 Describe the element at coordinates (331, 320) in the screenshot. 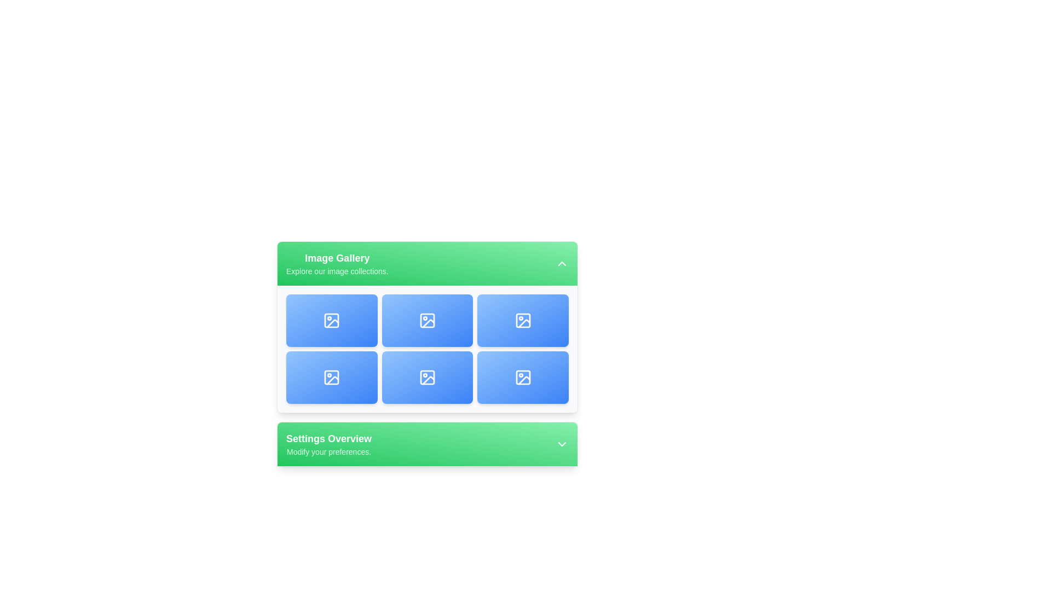

I see `the rounded rectangular SVG graphic element located within the 'Image Gallery' section of the grid layout` at that location.